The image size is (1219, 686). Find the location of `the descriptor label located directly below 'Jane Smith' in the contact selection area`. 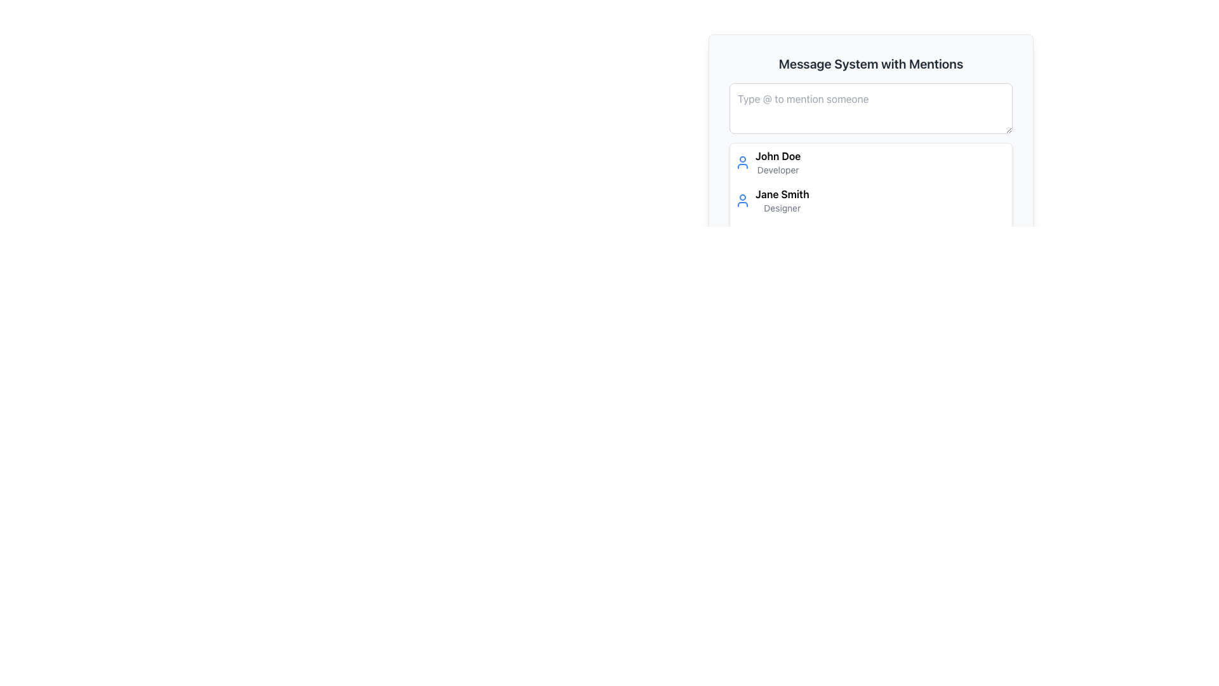

the descriptor label located directly below 'Jane Smith' in the contact selection area is located at coordinates (782, 207).